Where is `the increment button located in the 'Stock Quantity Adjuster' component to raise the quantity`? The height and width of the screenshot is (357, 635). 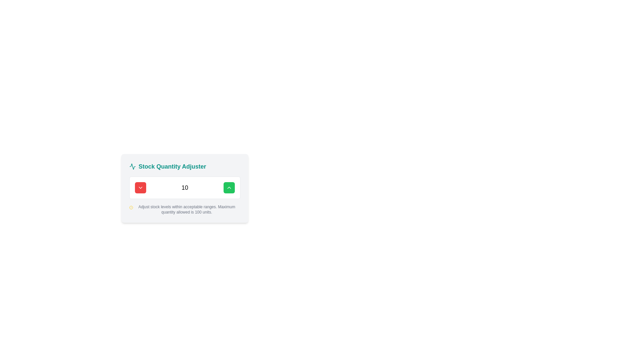 the increment button located in the 'Stock Quantity Adjuster' component to raise the quantity is located at coordinates (185, 188).